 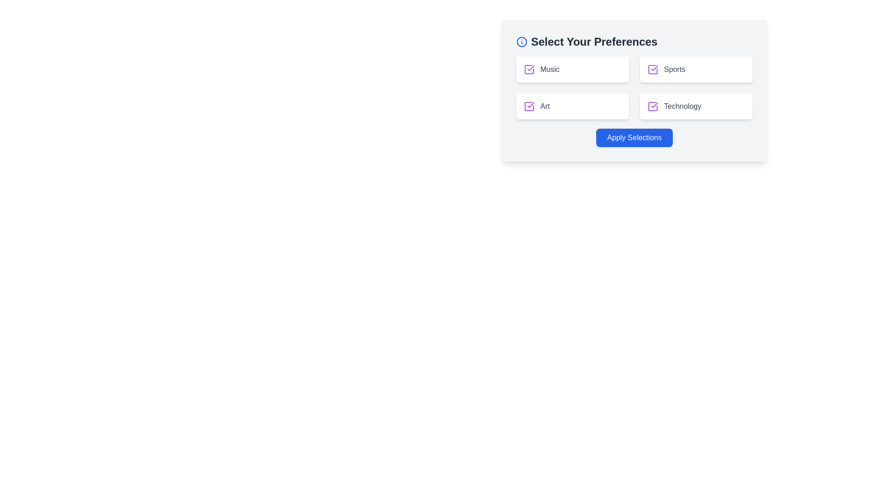 What do you see at coordinates (653, 69) in the screenshot?
I see `the checkbox outline representing the 'Sports' preference option in the first row, second column of the grid` at bounding box center [653, 69].